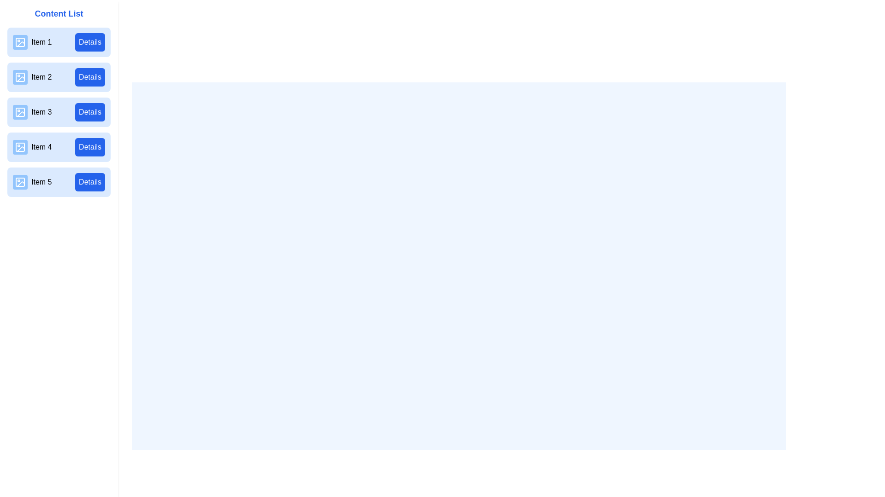  I want to click on the label 'Item 2' in the sidebar, so click(41, 77).